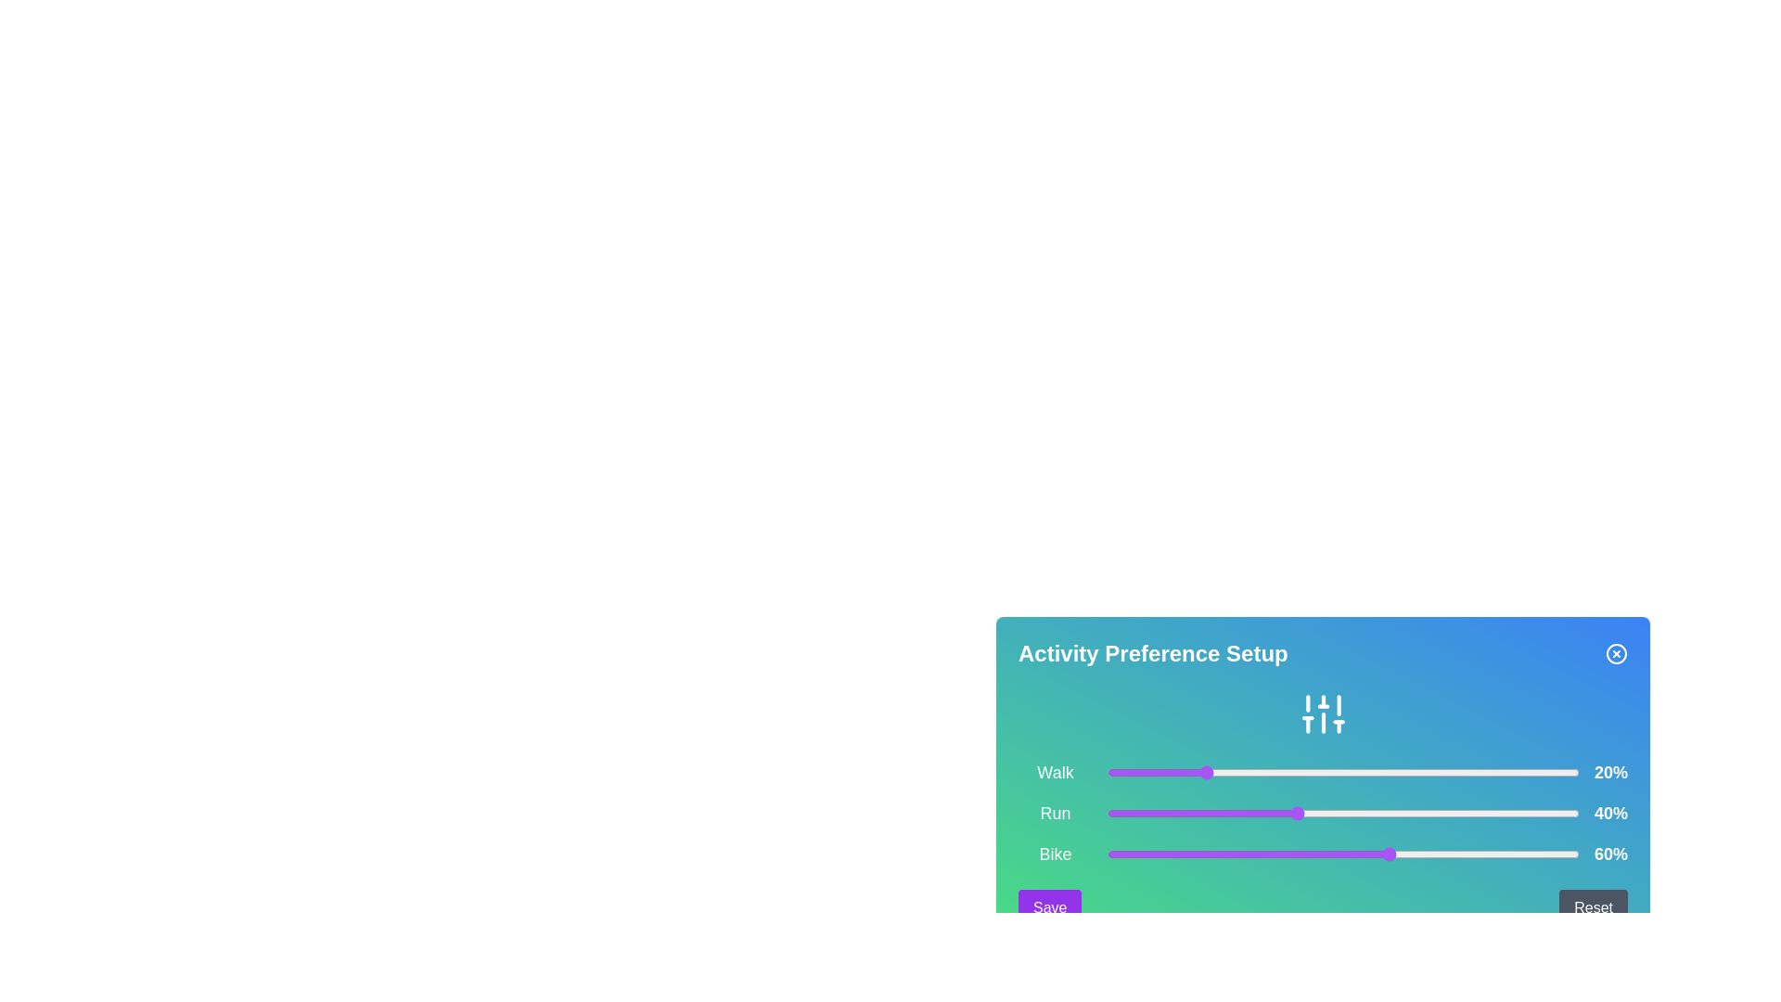 Image resolution: width=1781 pixels, height=1002 pixels. I want to click on the slider for 0 to 42%, so click(1304, 773).